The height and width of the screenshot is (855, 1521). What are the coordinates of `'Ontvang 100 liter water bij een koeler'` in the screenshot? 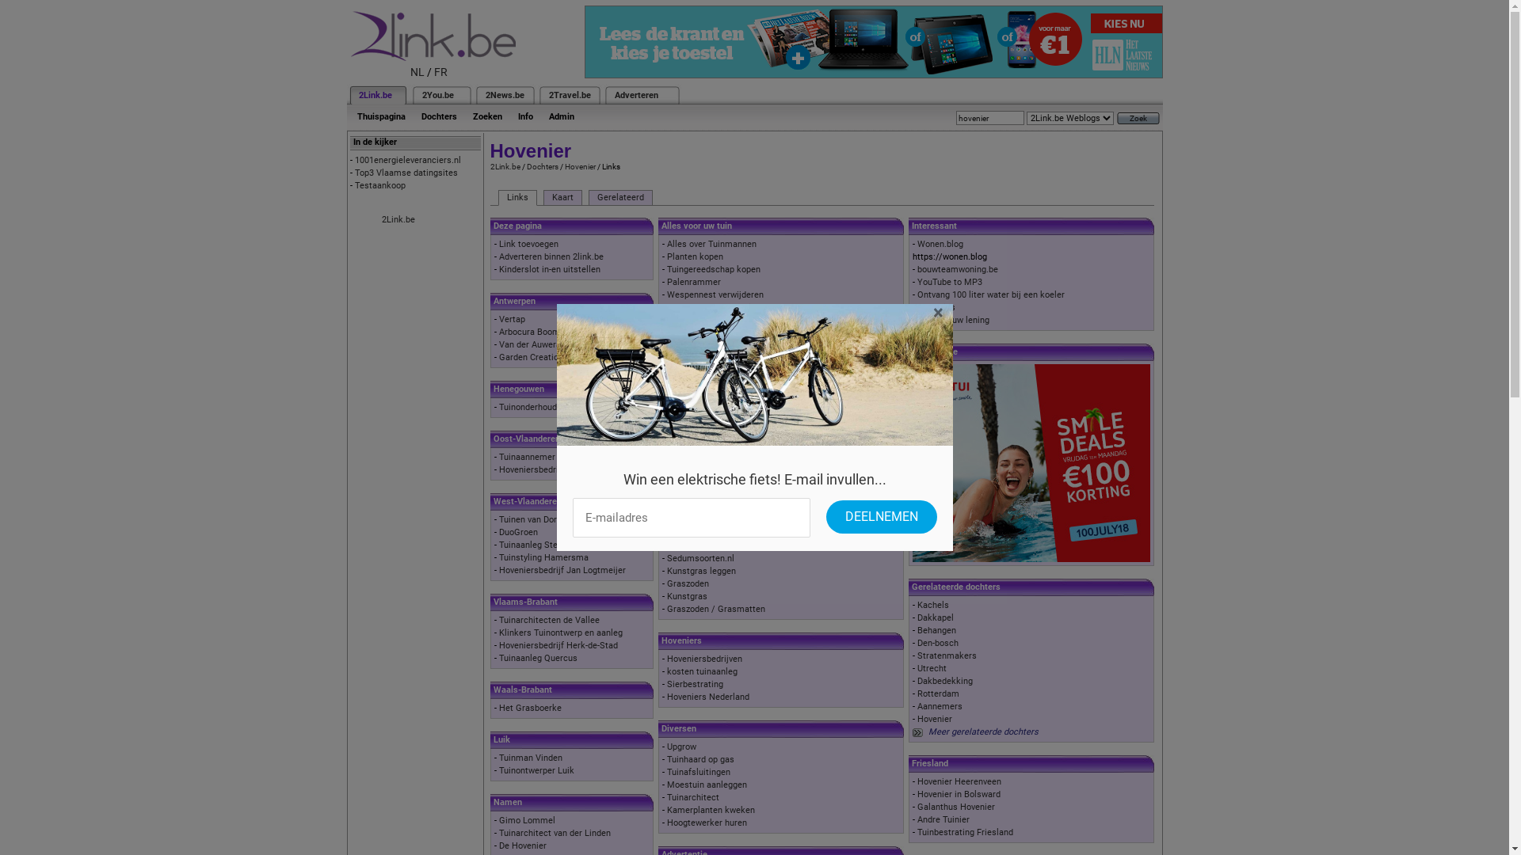 It's located at (990, 294).